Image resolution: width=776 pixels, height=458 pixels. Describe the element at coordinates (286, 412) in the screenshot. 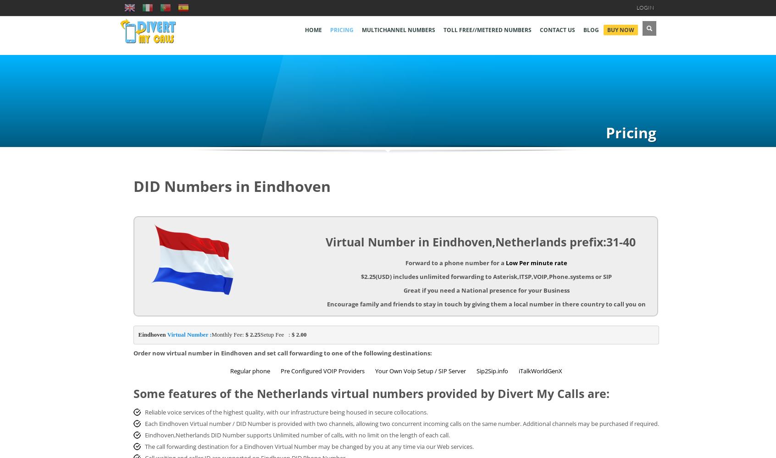

I see `'Reliable voice services of the highest quality, with our infrastructure being housed in secure collocations.'` at that location.